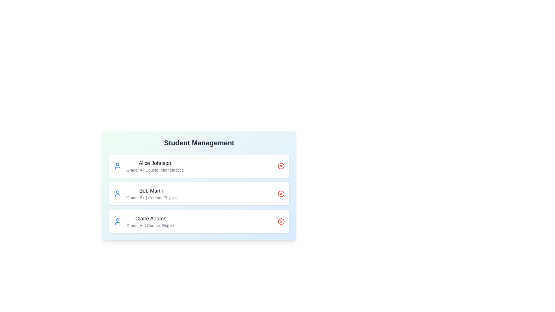 The width and height of the screenshot is (555, 312). I want to click on the text of Claire Adams's details, so click(151, 218).